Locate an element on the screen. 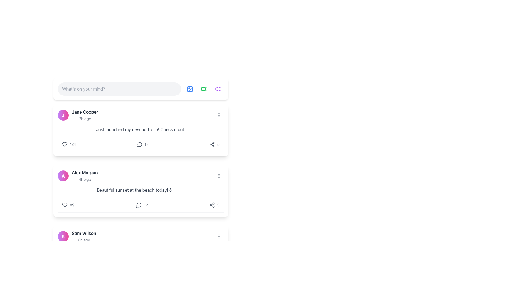 The width and height of the screenshot is (525, 295). the Avatar or profile icon for the user 'Jane Cooper', which is the leftmost component in the top segment of the interface is located at coordinates (63, 115).